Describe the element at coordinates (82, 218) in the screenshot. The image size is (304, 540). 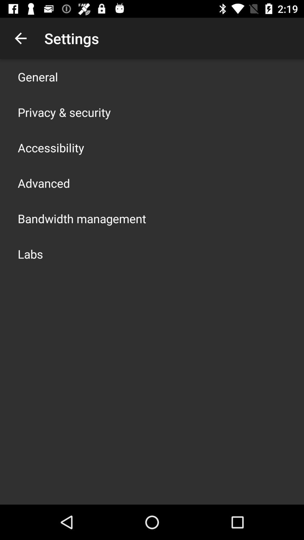
I see `the item below advanced` at that location.